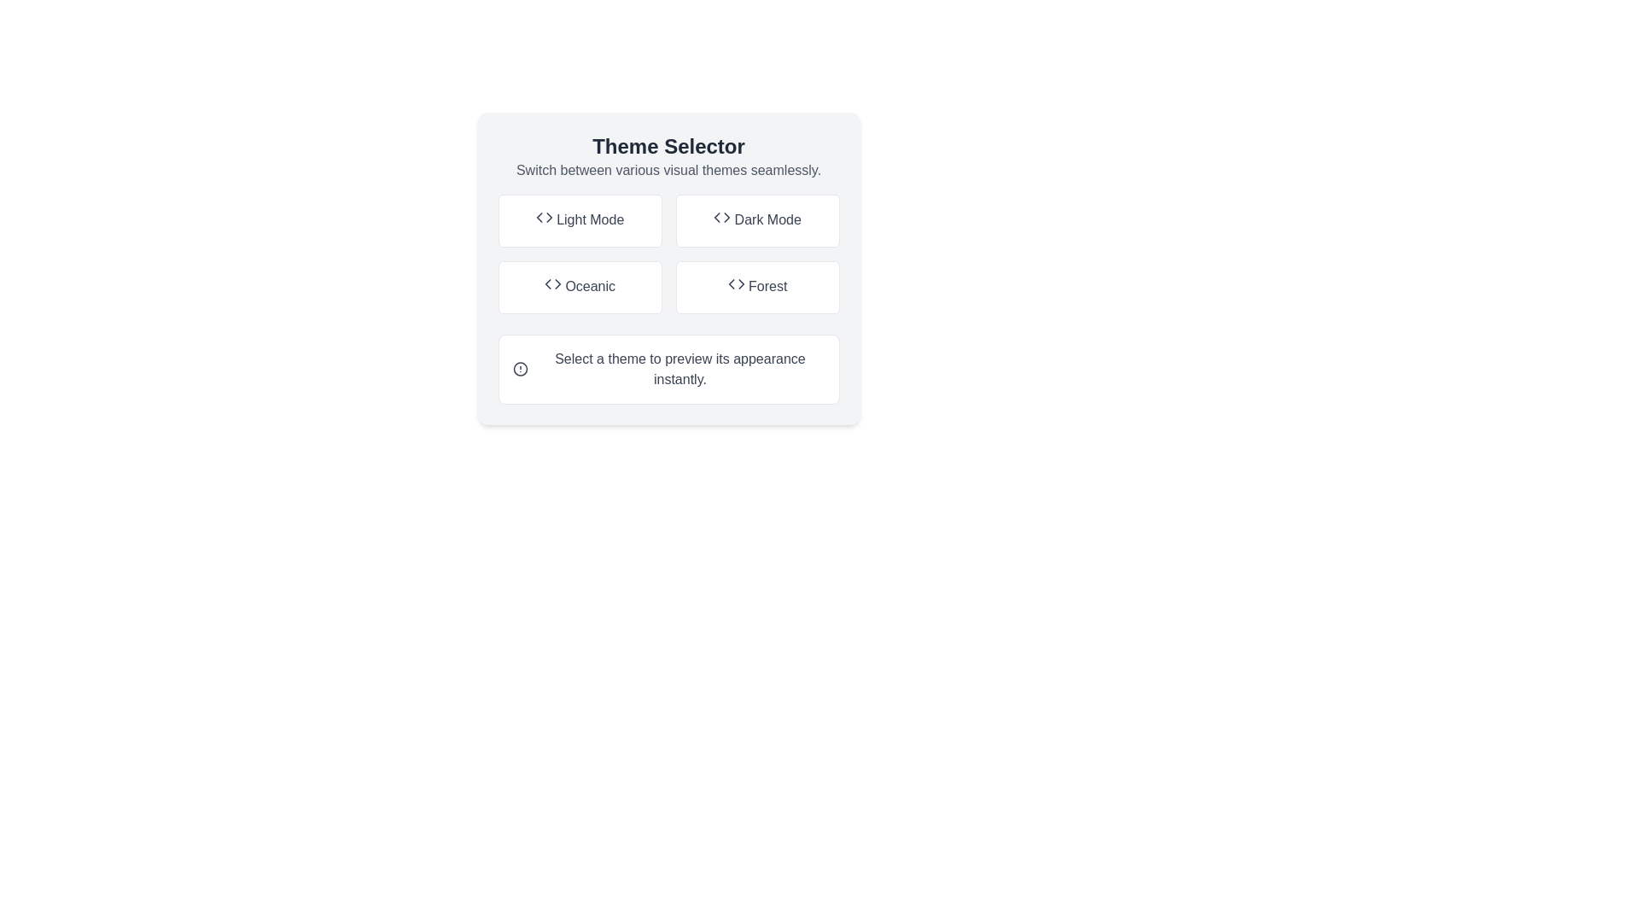  What do you see at coordinates (580, 286) in the screenshot?
I see `the 'Oceanic' theme selection button located in the second row of the grid layout within the 'Theme Selector' section for keyboard navigation` at bounding box center [580, 286].